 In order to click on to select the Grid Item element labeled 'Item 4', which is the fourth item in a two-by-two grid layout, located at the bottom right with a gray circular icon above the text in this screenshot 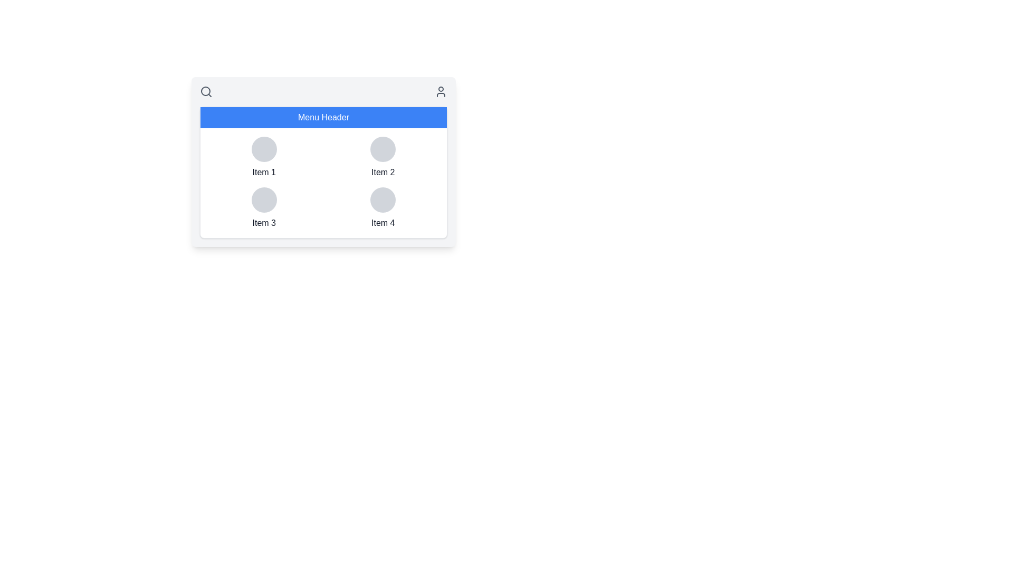, I will do `click(383, 208)`.